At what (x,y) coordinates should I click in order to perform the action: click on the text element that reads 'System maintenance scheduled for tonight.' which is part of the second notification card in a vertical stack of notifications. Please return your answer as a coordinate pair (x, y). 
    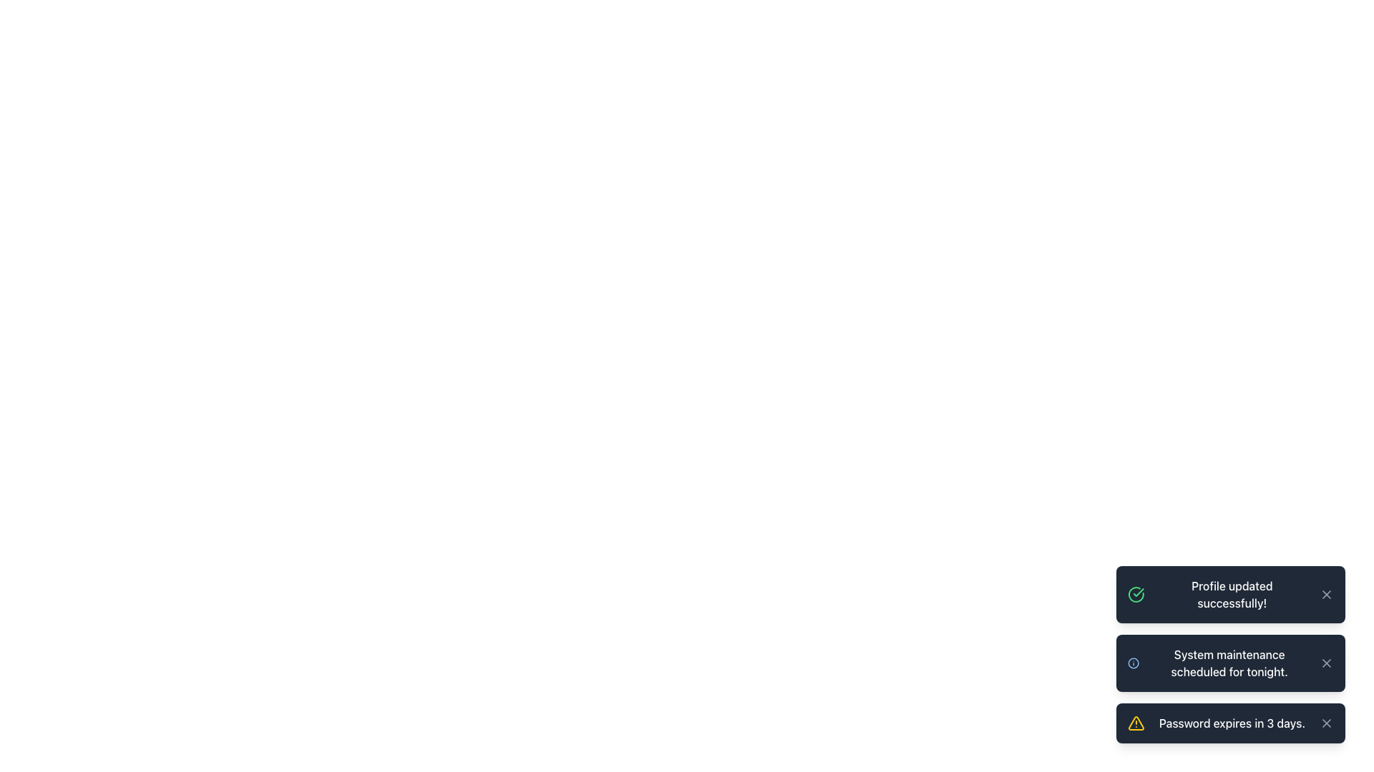
    Looking at the image, I should click on (1229, 663).